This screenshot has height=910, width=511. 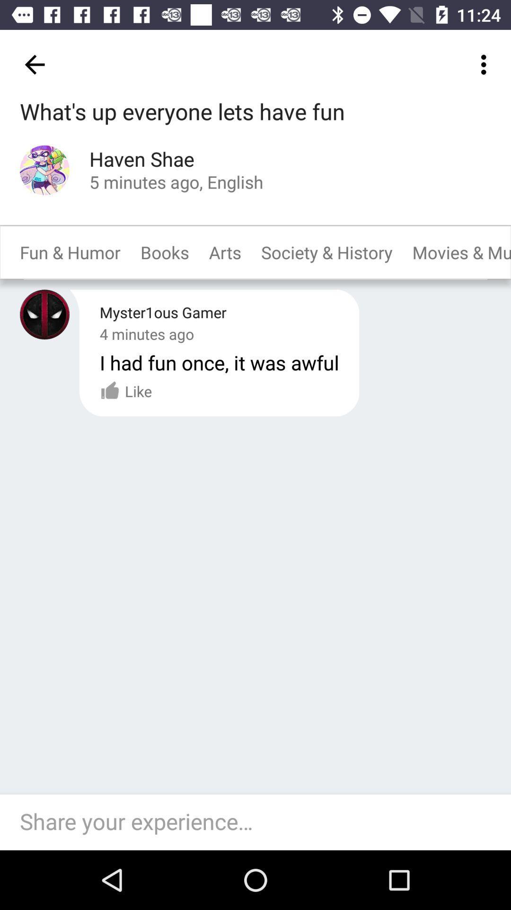 I want to click on avatar, so click(x=44, y=314).